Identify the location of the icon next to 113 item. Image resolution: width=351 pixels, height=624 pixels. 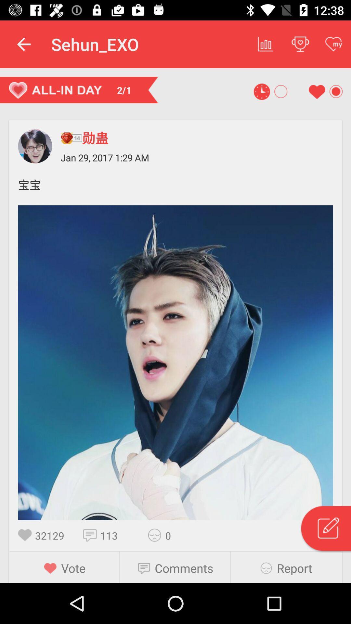
(91, 535).